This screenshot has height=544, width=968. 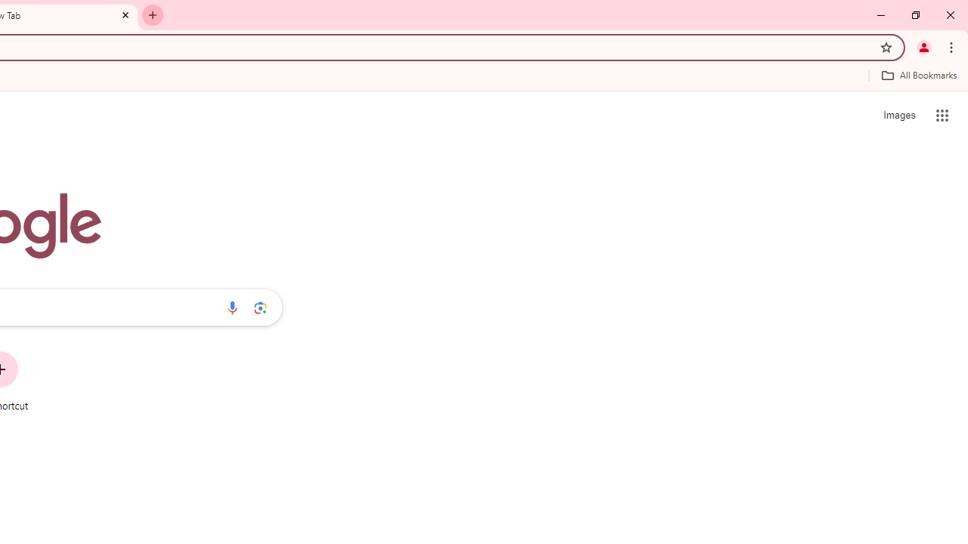 What do you see at coordinates (260, 307) in the screenshot?
I see `'Search by image'` at bounding box center [260, 307].